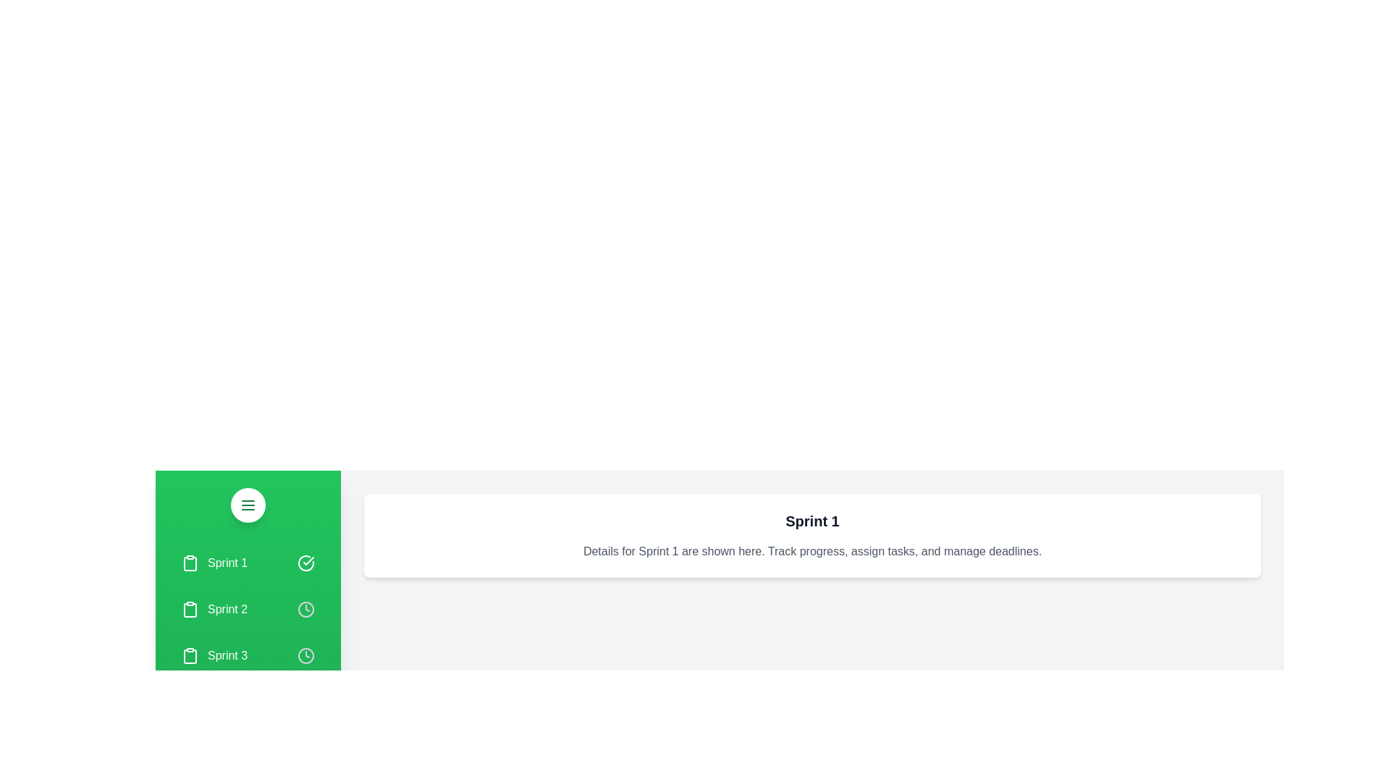 This screenshot has height=782, width=1390. What do you see at coordinates (248, 701) in the screenshot?
I see `the sprint item Backlog to see the highlight effect` at bounding box center [248, 701].